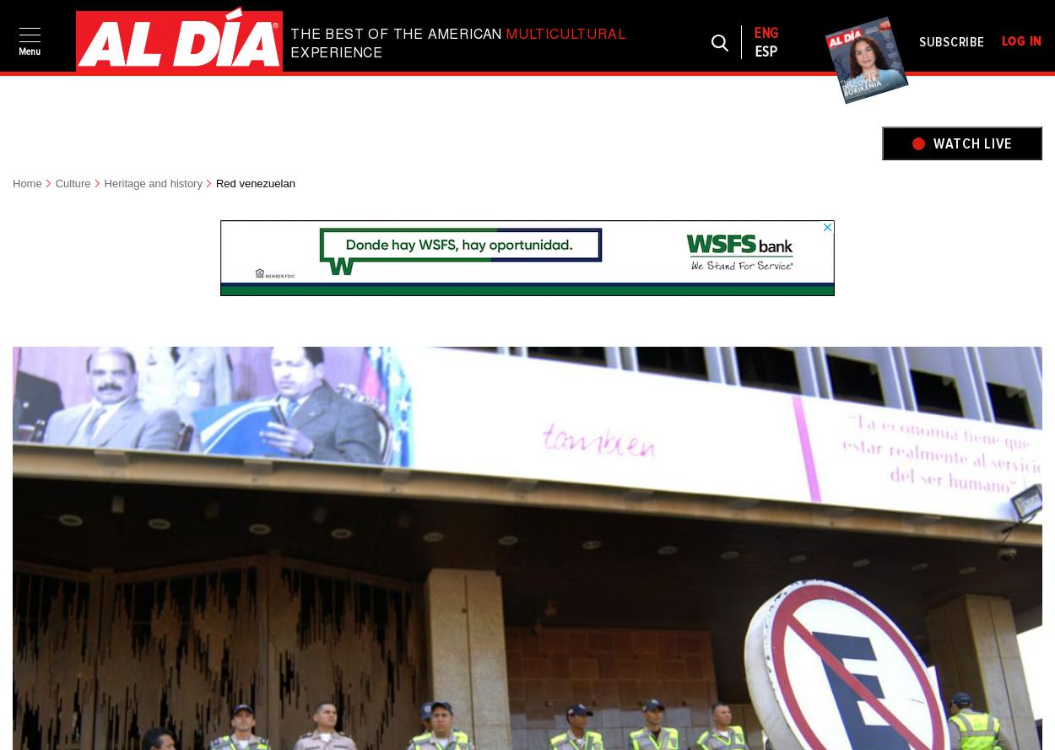  What do you see at coordinates (932, 142) in the screenshot?
I see `'WATCH LIVE'` at bounding box center [932, 142].